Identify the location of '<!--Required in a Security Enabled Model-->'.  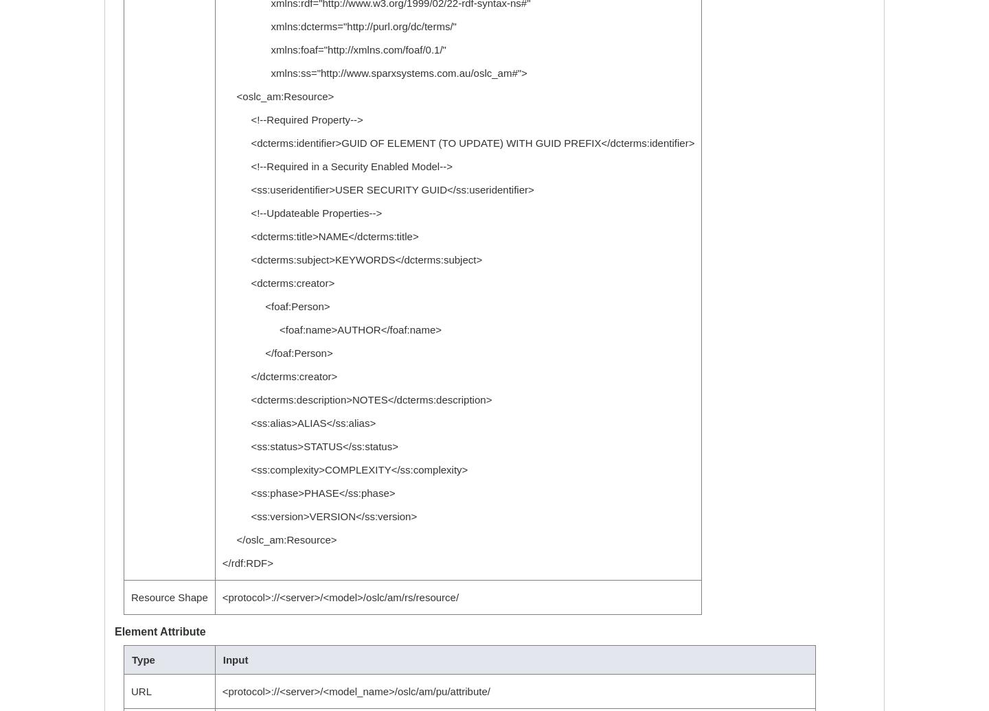
(336, 166).